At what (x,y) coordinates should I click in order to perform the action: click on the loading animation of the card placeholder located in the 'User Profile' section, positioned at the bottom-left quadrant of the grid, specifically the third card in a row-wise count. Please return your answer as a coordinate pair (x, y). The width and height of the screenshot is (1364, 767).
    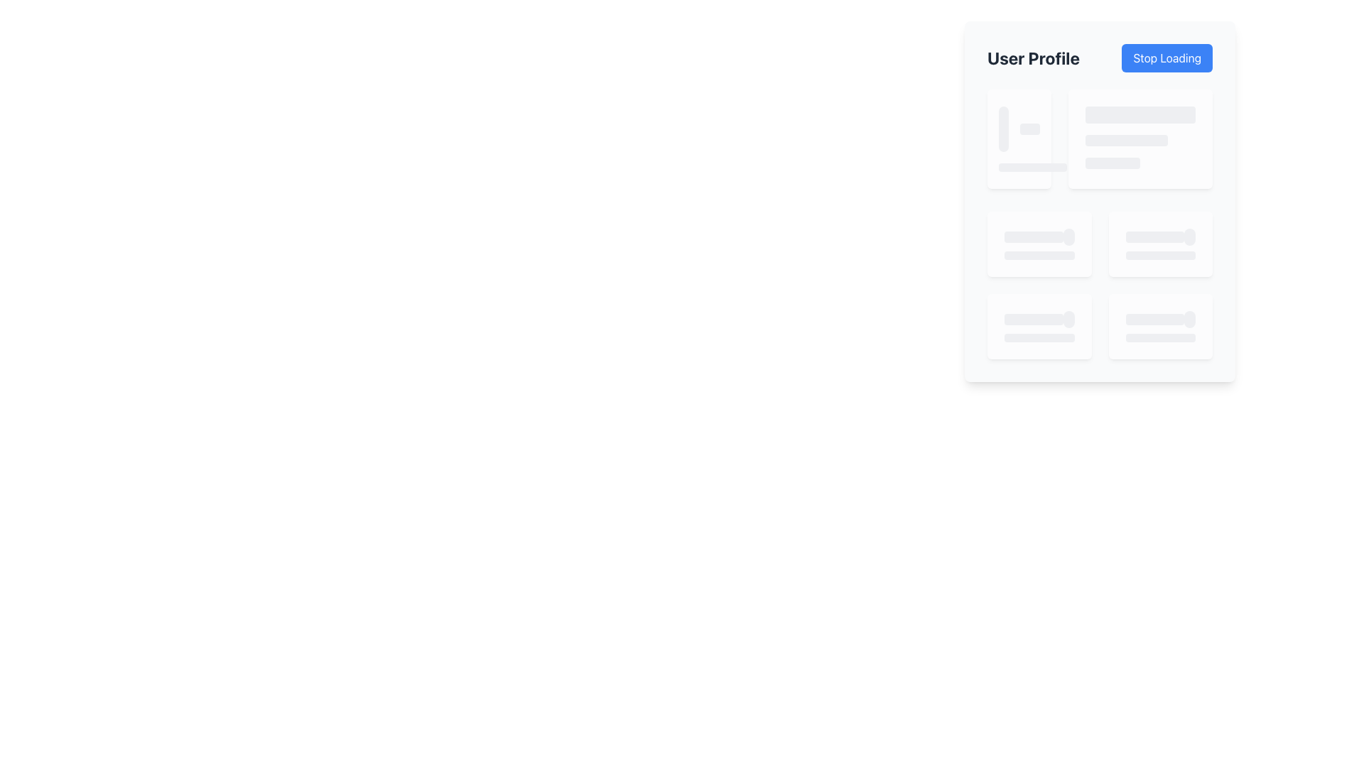
    Looking at the image, I should click on (1039, 326).